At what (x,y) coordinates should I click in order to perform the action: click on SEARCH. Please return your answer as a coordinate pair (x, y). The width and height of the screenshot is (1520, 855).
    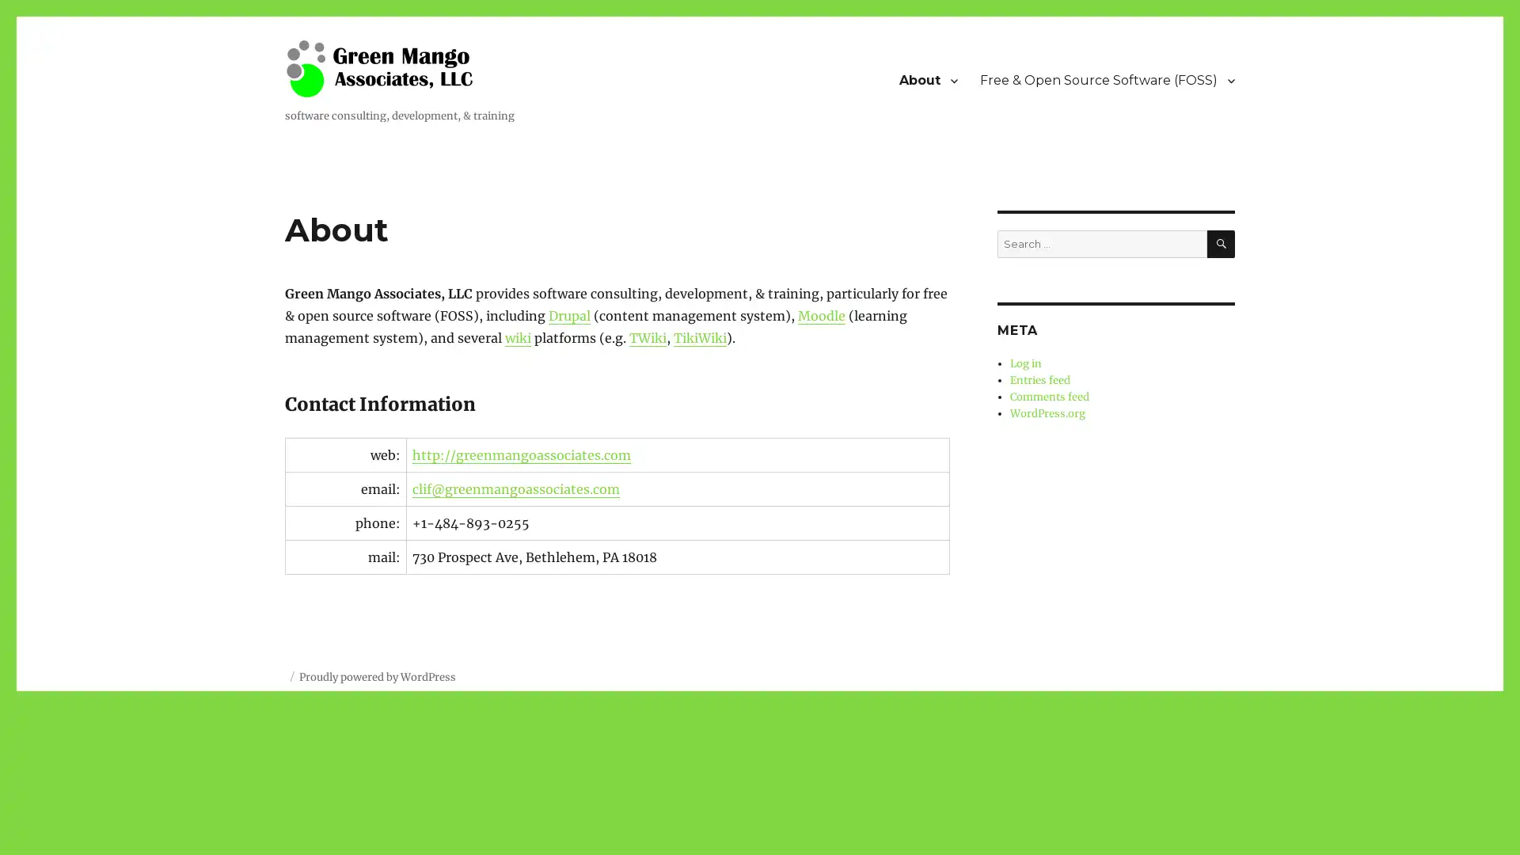
    Looking at the image, I should click on (1220, 244).